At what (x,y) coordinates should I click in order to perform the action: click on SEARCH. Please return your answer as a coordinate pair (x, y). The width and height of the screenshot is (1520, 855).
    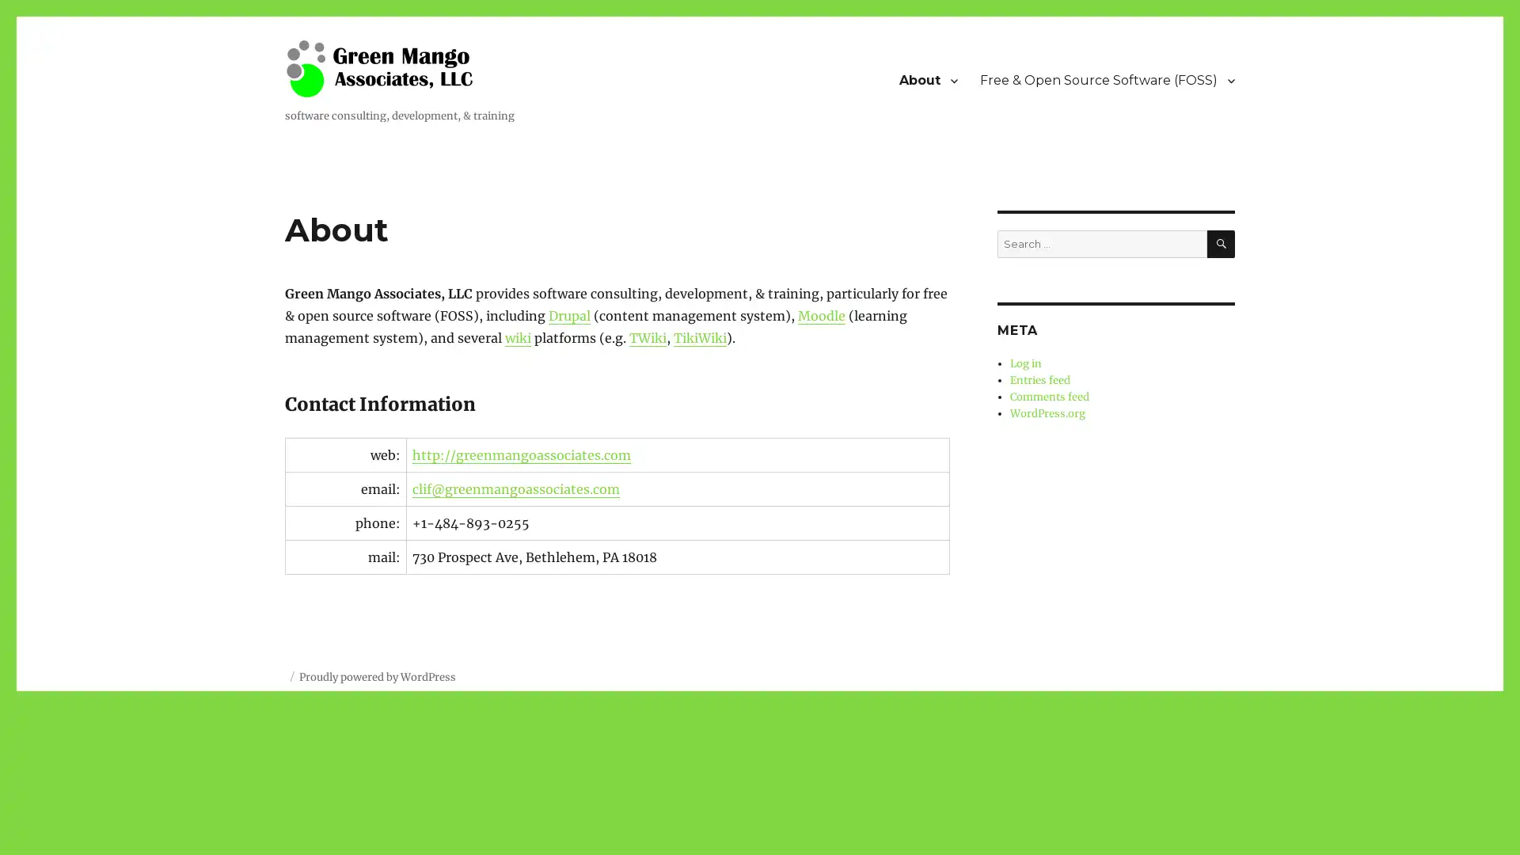
    Looking at the image, I should click on (1220, 244).